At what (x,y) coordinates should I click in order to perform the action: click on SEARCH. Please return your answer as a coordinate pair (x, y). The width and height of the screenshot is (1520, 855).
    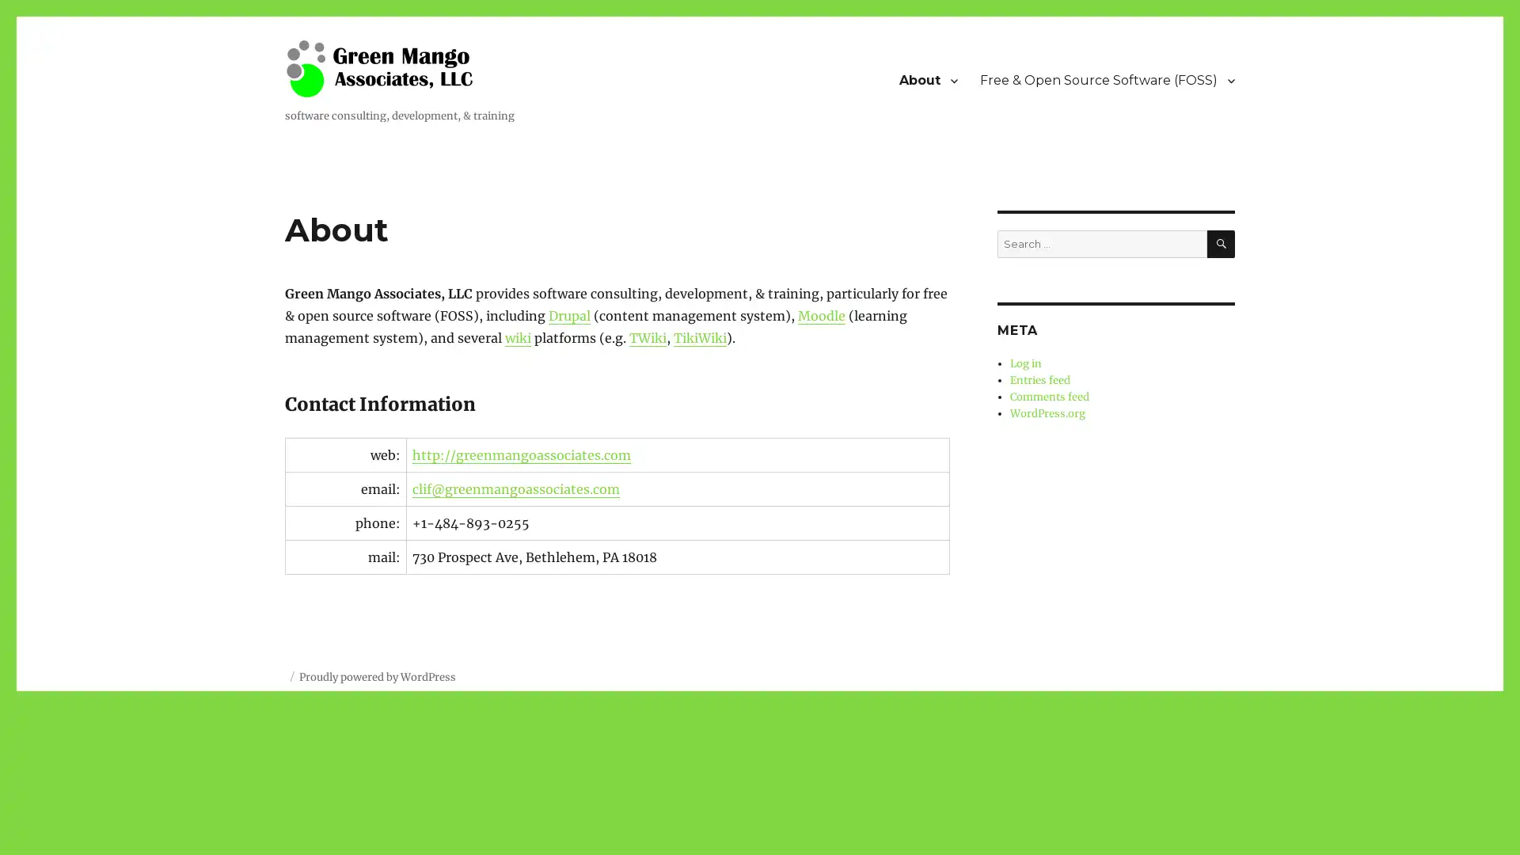
    Looking at the image, I should click on (1220, 244).